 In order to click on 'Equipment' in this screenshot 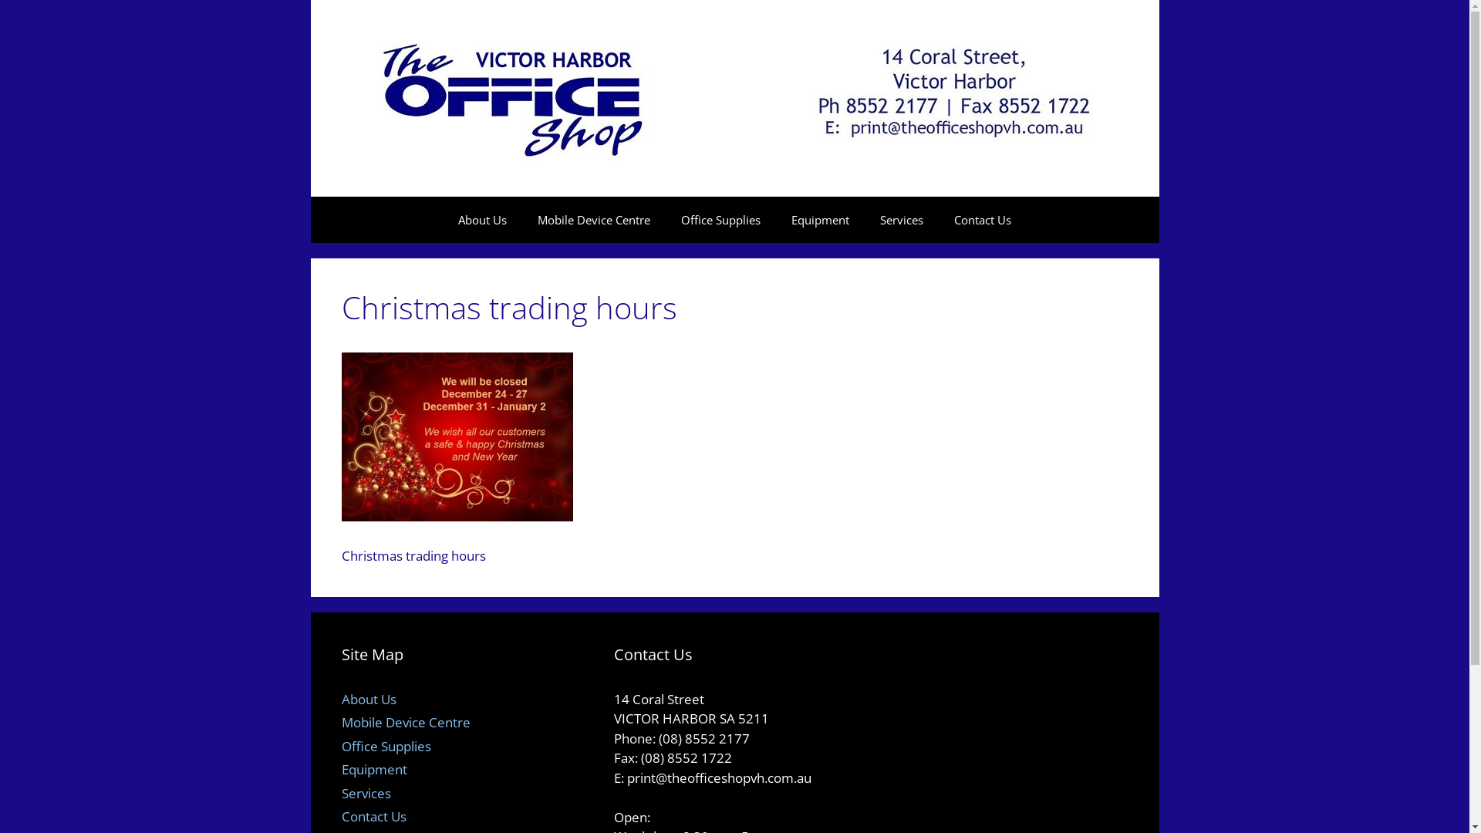, I will do `click(339, 769)`.